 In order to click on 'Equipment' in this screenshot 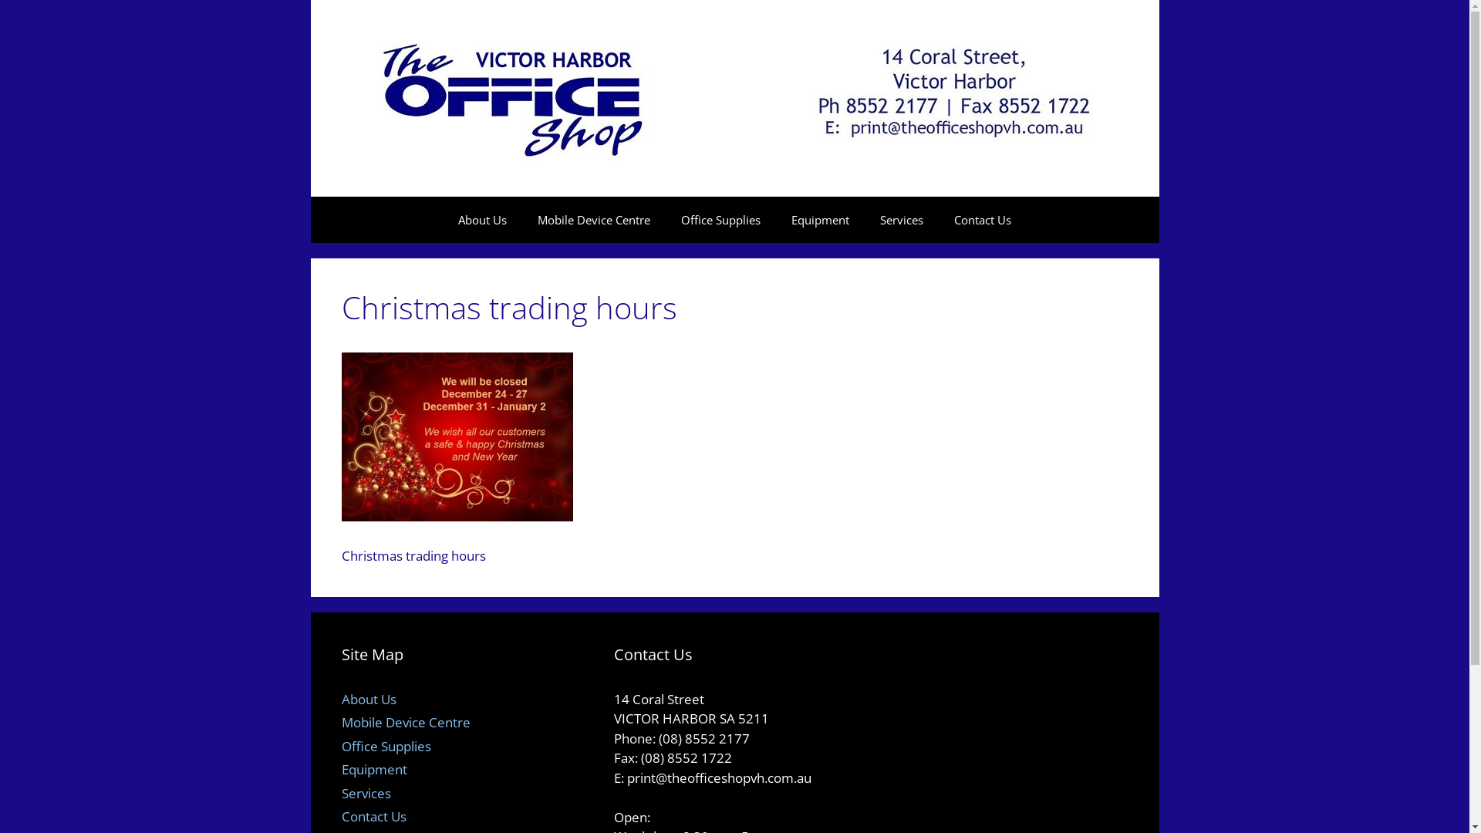, I will do `click(339, 769)`.